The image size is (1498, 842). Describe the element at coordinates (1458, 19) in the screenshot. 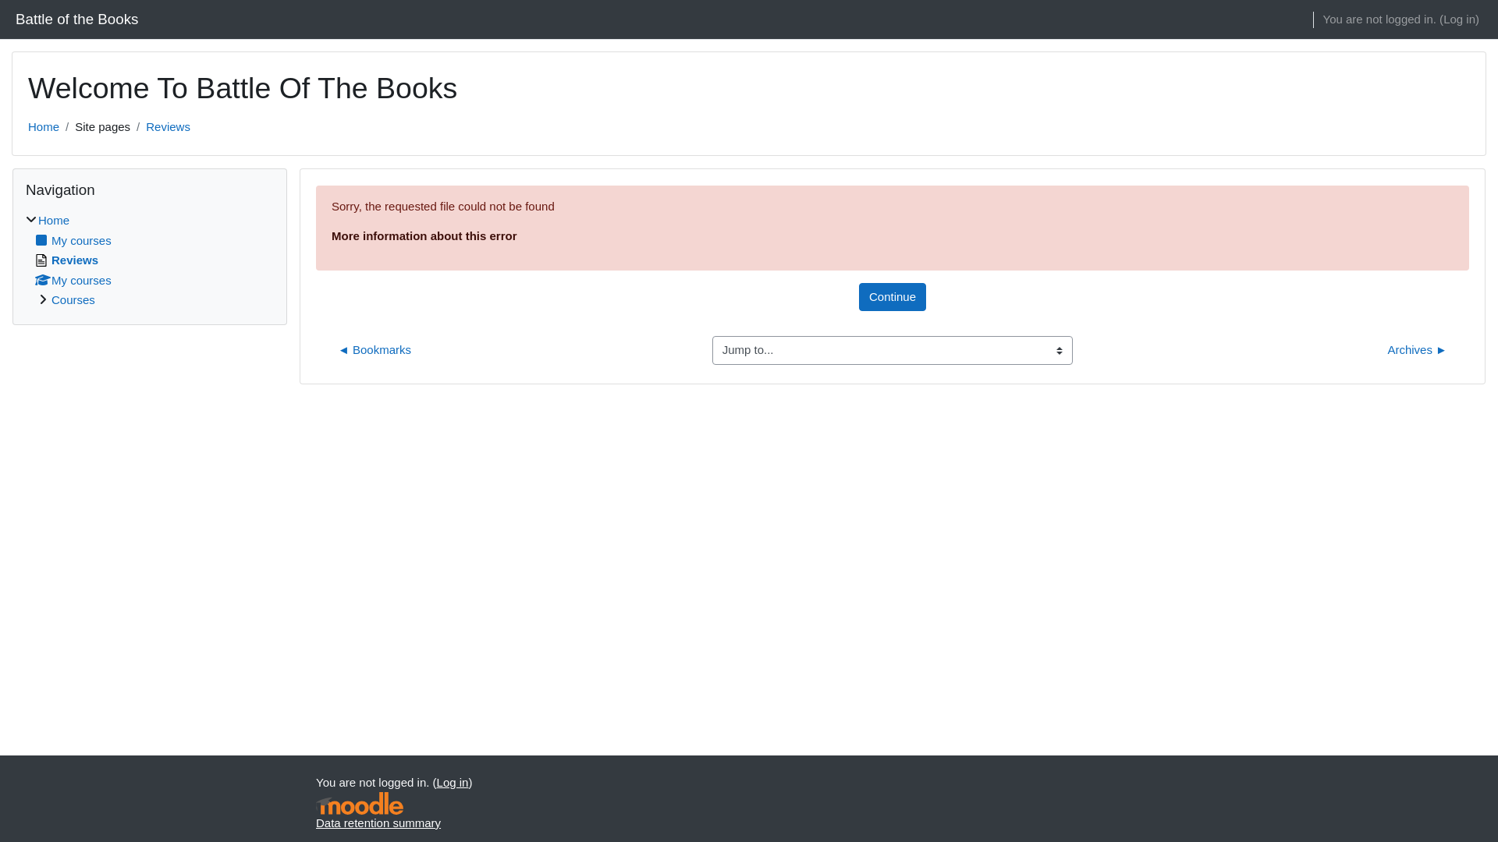

I see `'Log in'` at that location.